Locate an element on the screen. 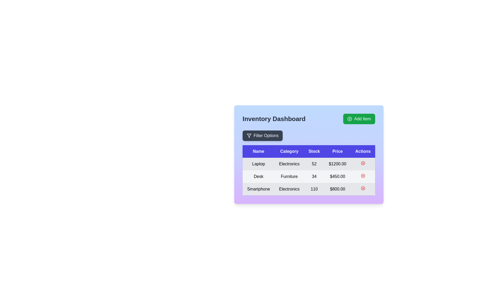 The width and height of the screenshot is (503, 283). the 'Stock' text label in the table header, which is displayed in white on a vivid purple background and is the third item in the row of headers is located at coordinates (314, 151).